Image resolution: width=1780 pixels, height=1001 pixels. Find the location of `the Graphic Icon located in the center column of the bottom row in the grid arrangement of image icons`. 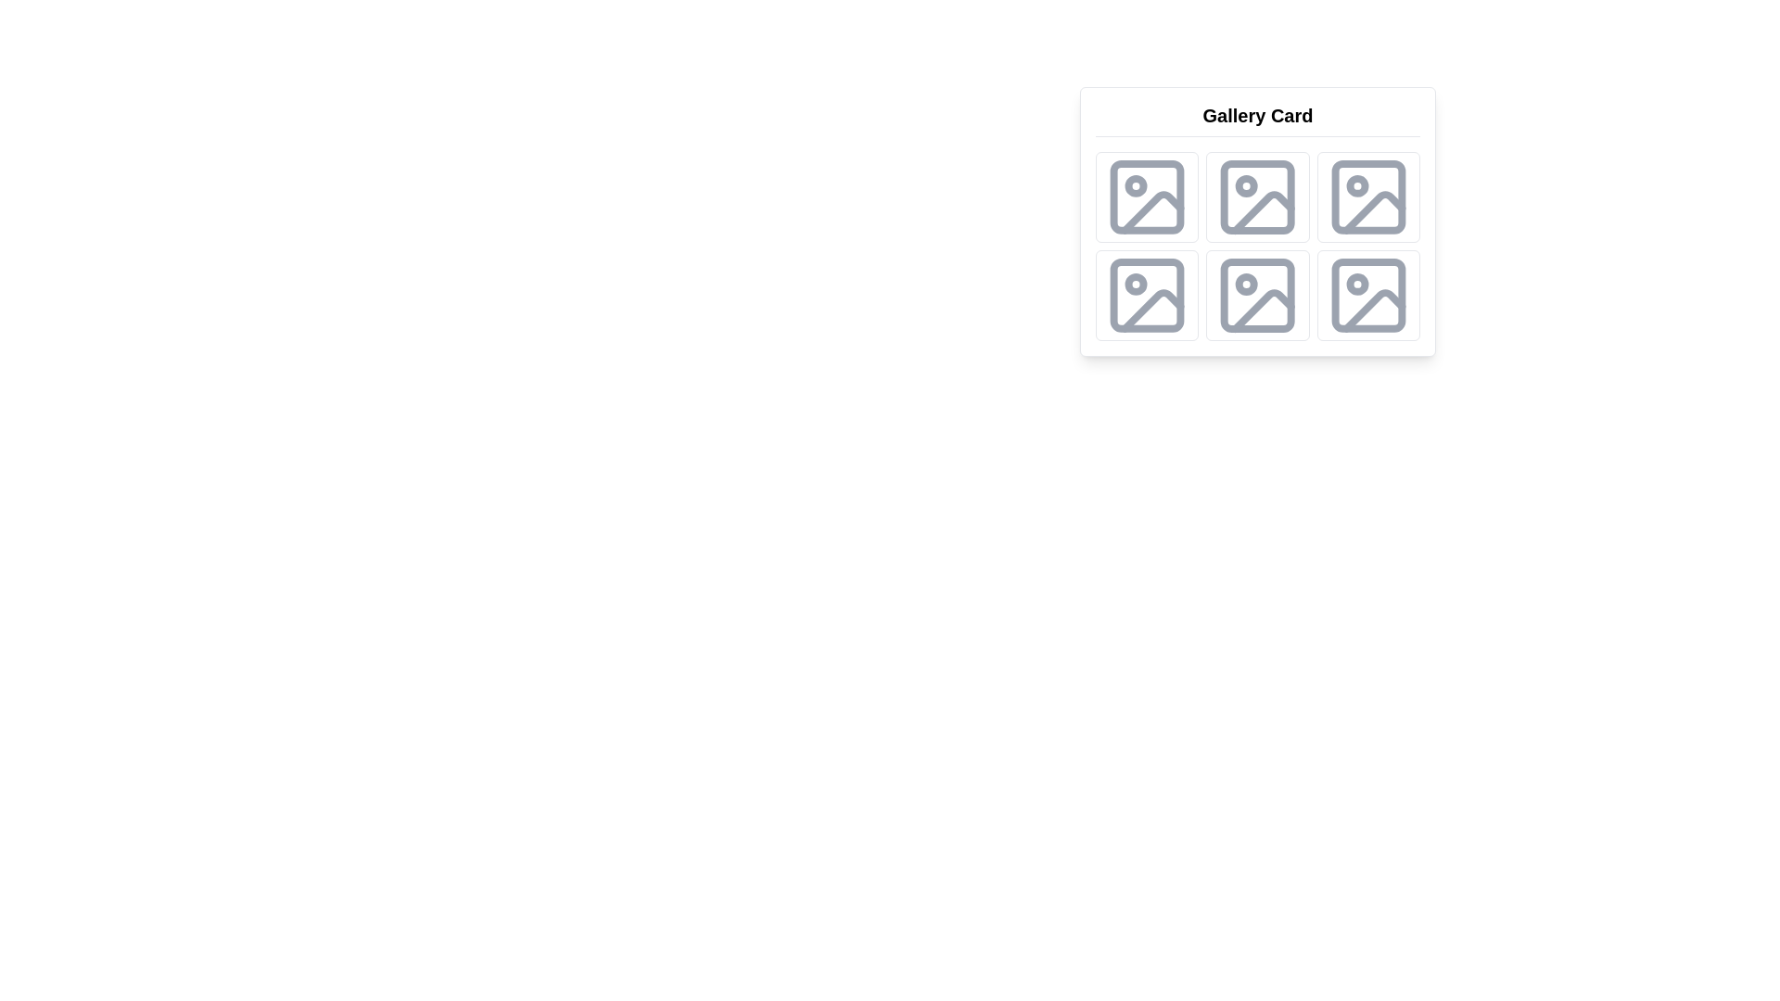

the Graphic Icon located in the center column of the bottom row in the grid arrangement of image icons is located at coordinates (1258, 295).